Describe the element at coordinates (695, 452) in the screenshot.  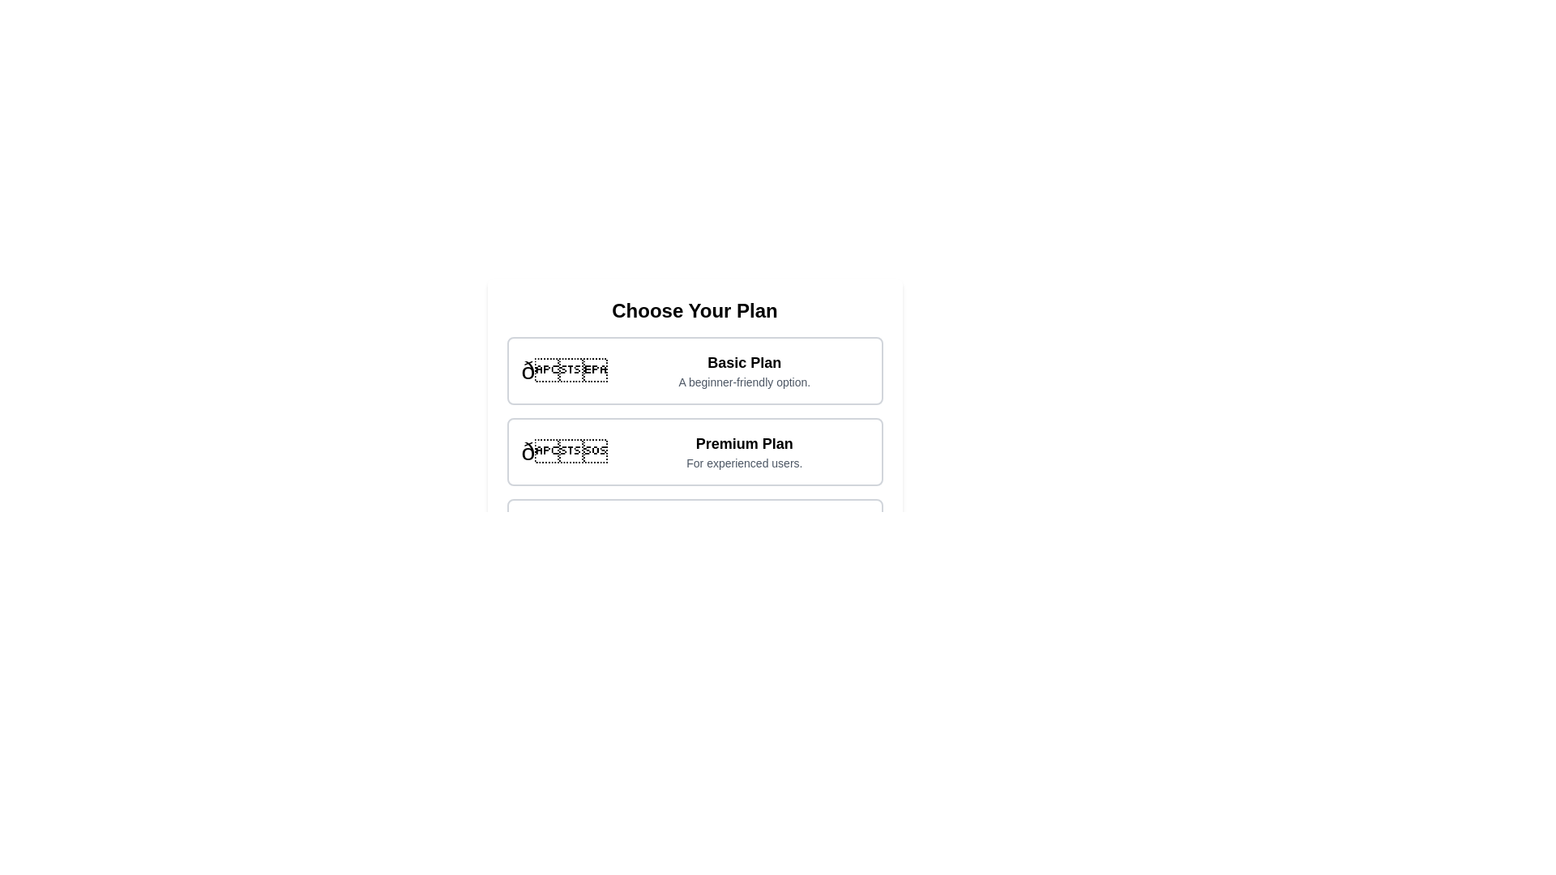
I see `to select the 'Premium Plan' option from the selectable list item located in the 'Choose Your Plan' section, which is the second option in the vertical list` at that location.